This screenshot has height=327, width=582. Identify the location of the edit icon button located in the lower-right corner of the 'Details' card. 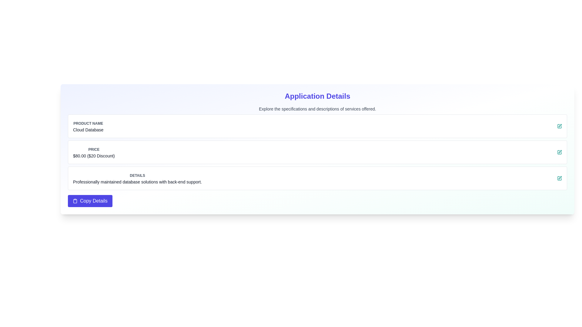
(559, 178).